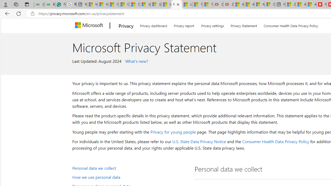  What do you see at coordinates (173, 131) in the screenshot?
I see `'Privacy for young people'` at bounding box center [173, 131].